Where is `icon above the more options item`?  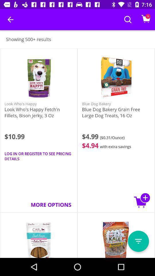
icon above the more options item is located at coordinates (39, 156).